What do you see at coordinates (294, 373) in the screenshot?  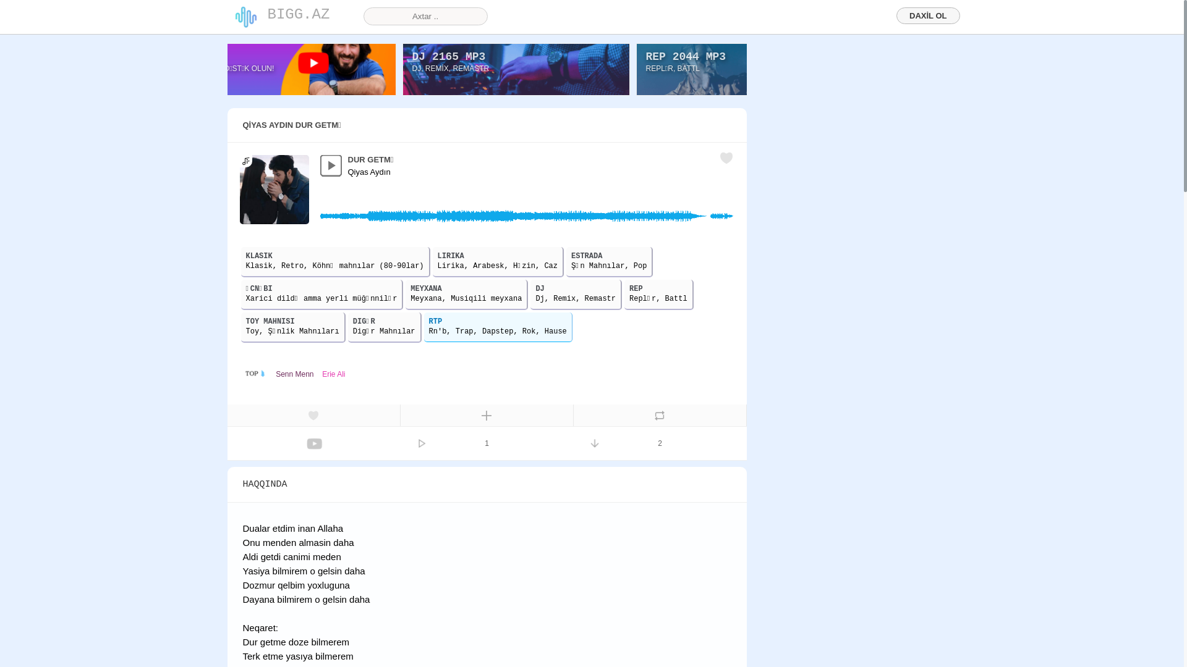 I see `'Senn Menn'` at bounding box center [294, 373].